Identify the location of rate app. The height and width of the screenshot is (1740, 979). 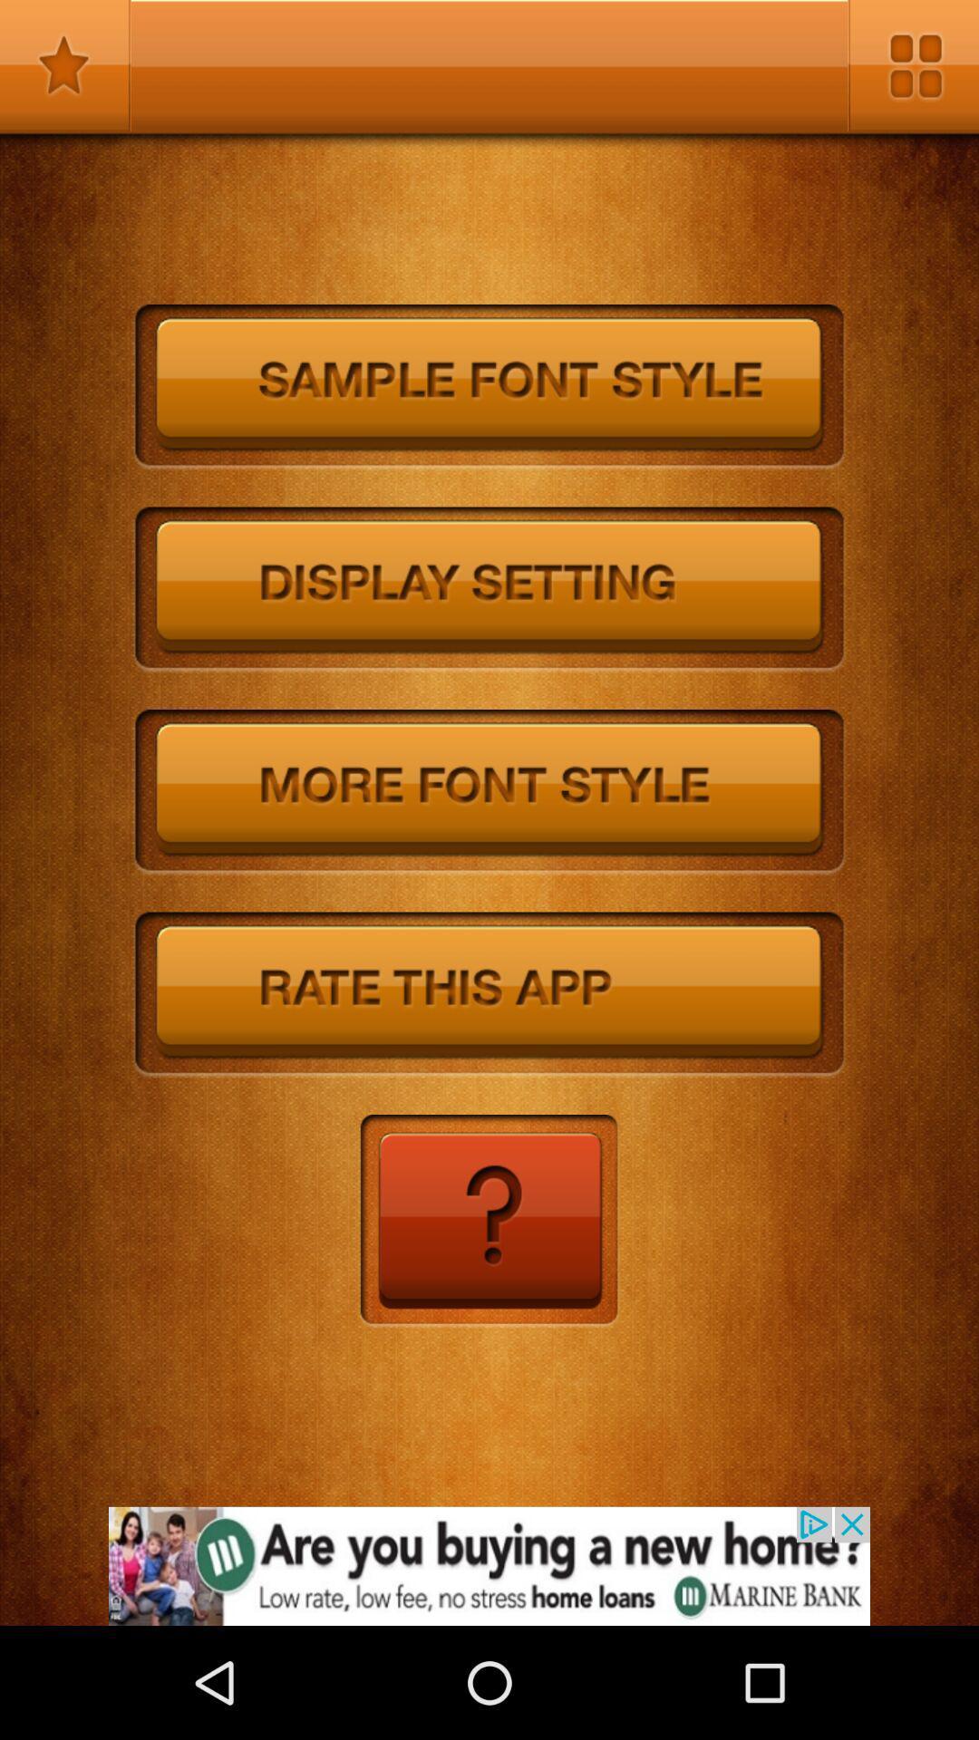
(489, 994).